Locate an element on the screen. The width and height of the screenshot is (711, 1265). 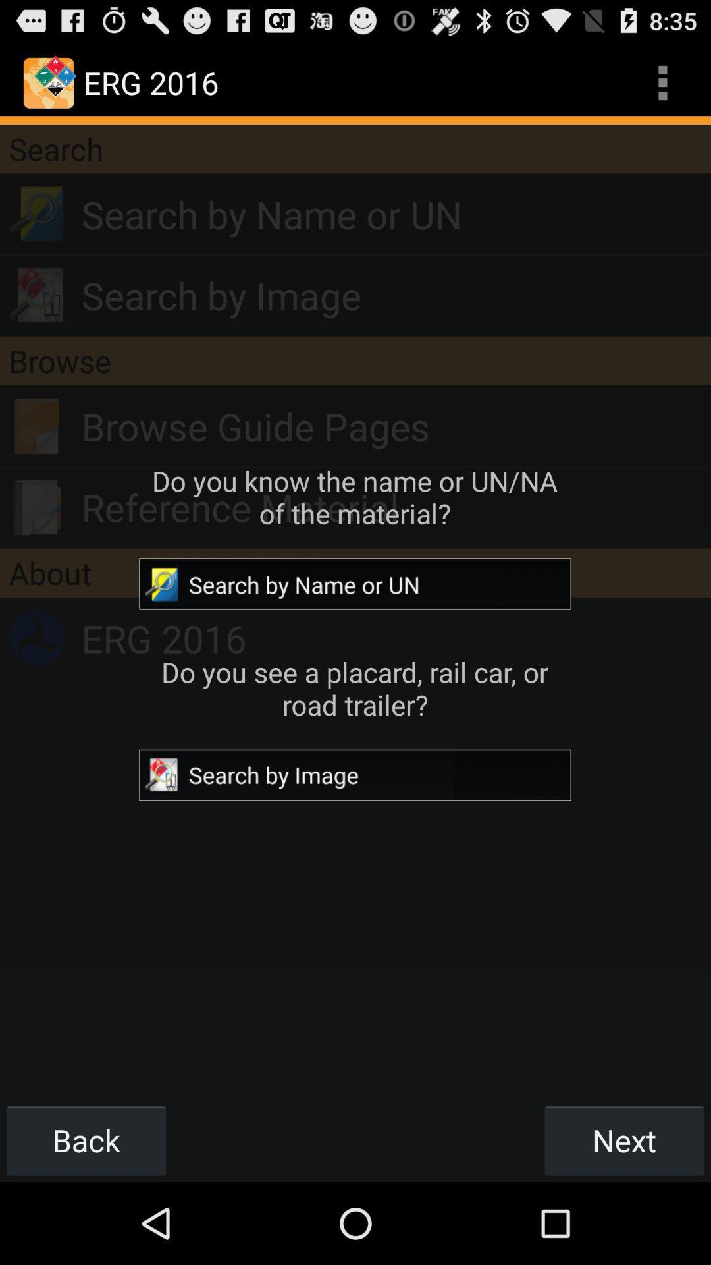
item below browse guide pages is located at coordinates (395, 507).